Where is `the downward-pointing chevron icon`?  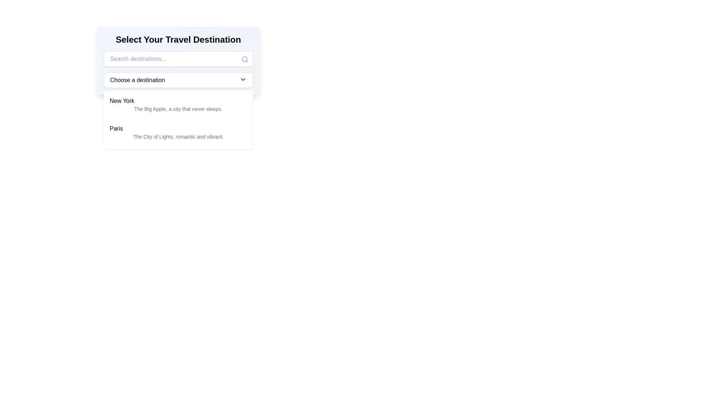
the downward-pointing chevron icon is located at coordinates (243, 80).